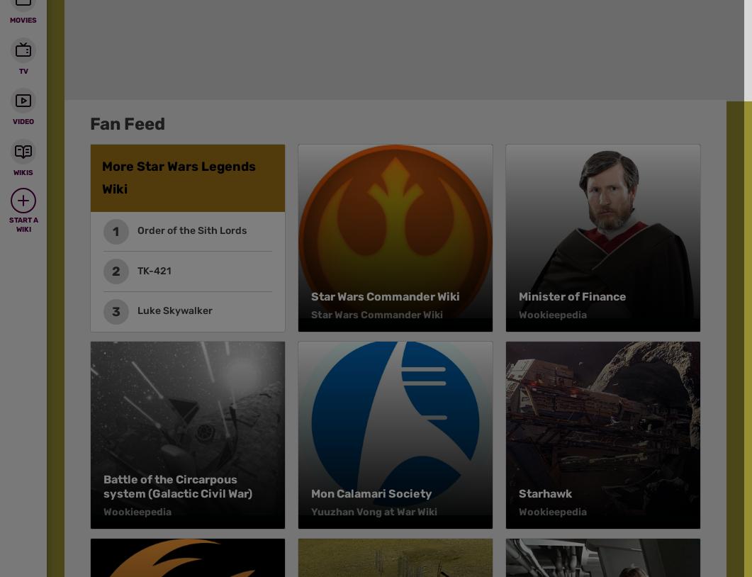  What do you see at coordinates (81, 69) in the screenshot?
I see `'Muthead'` at bounding box center [81, 69].